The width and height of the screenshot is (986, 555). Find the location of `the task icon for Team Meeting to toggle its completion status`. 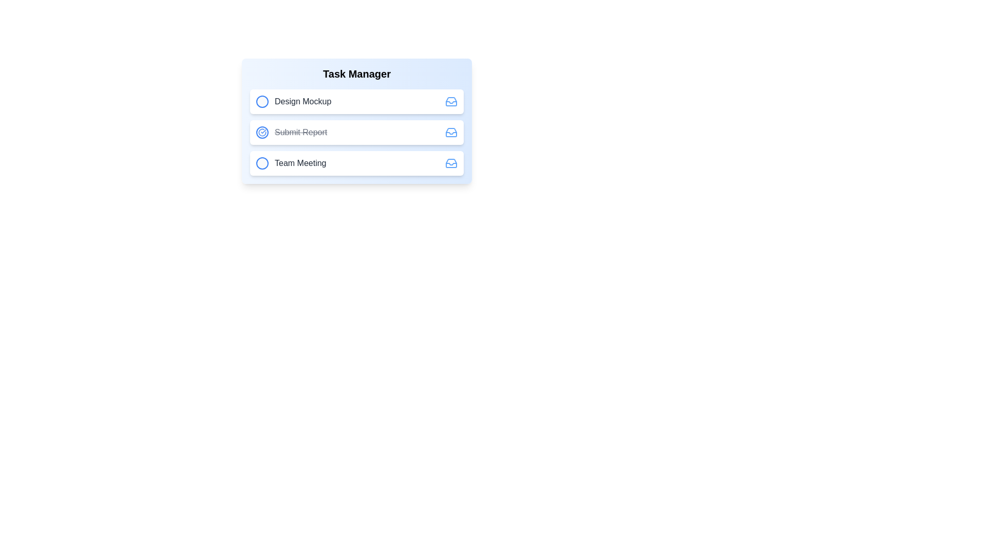

the task icon for Team Meeting to toggle its completion status is located at coordinates (262, 162).